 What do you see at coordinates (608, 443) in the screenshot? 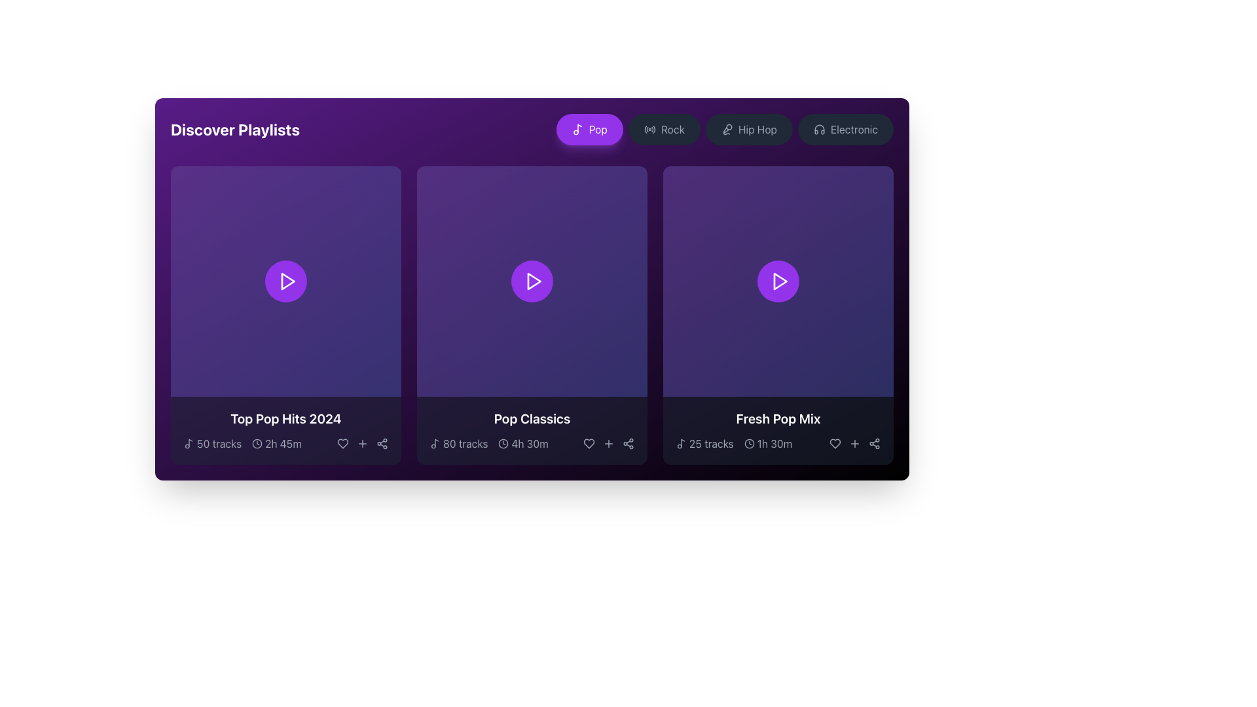
I see `the plus icon in the action bar located in the bottom-right section of the 'Pop Classics' playlist card` at bounding box center [608, 443].